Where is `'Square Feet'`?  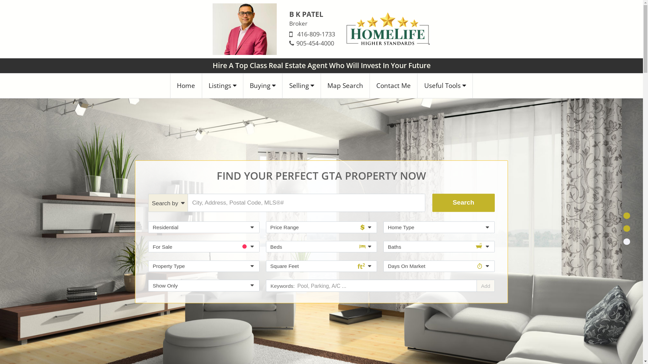
'Square Feet' is located at coordinates (321, 266).